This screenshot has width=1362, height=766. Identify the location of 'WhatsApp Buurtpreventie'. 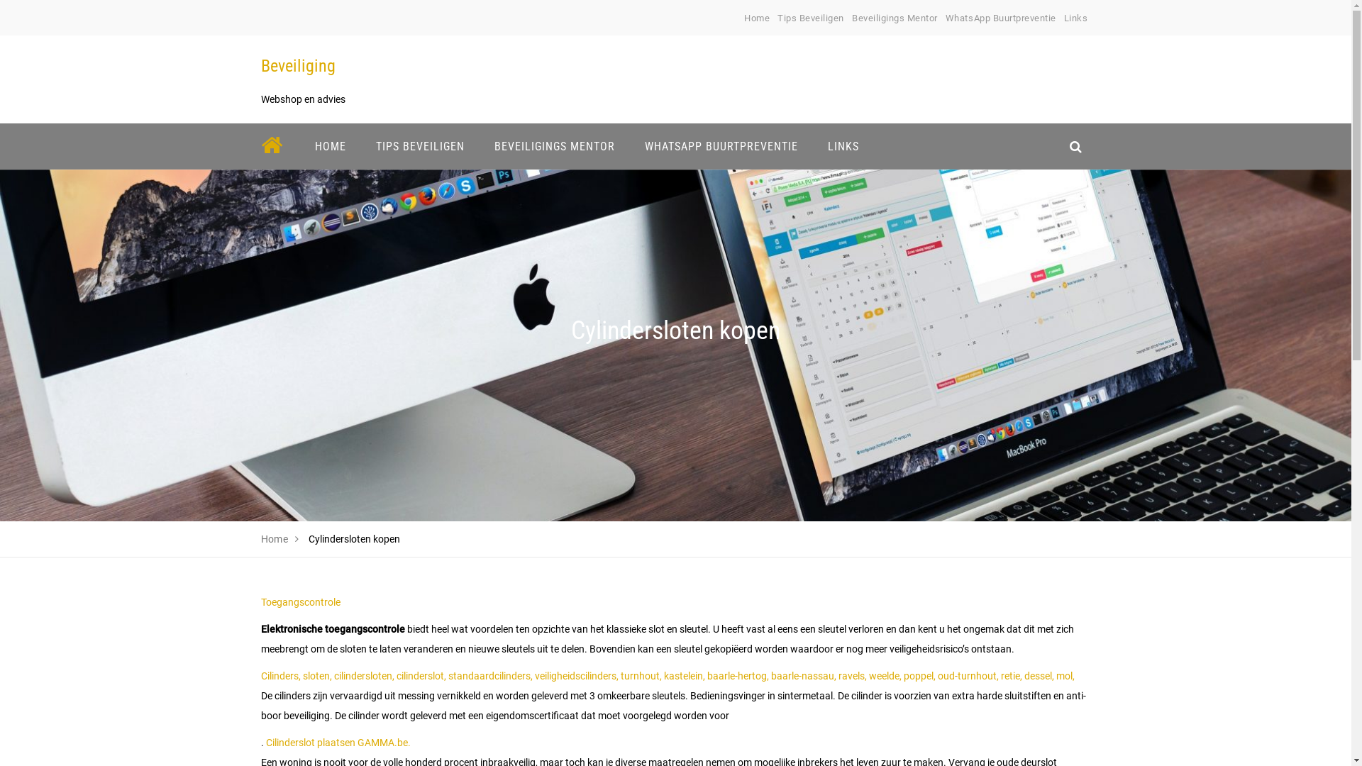
(1000, 18).